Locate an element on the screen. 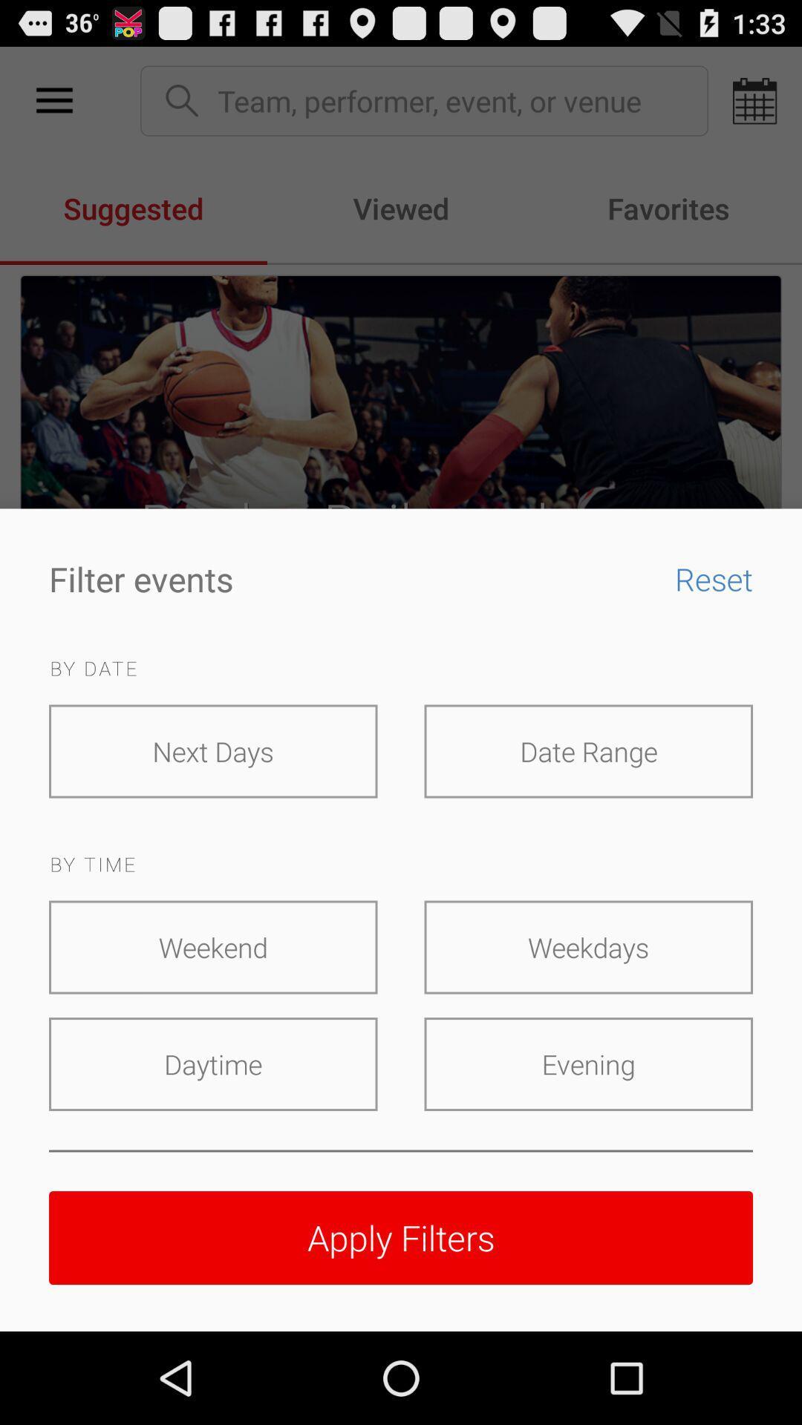 The height and width of the screenshot is (1425, 802). item next to the date range item is located at coordinates (213, 751).